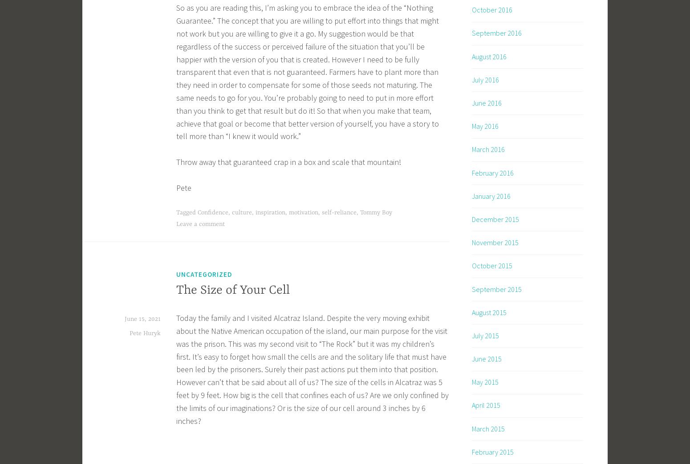 The height and width of the screenshot is (464, 690). What do you see at coordinates (307, 72) in the screenshot?
I see `'So as you are reading this, I’m asking you to embrace the idea of the “Nothing Guarantee.”  The concept that you are willing to put effort into things that might not work but you are willing to give it a go.  My suggestion would be that regardless of the success or perceived failure of the situation that you’ll be happier with the version of you that is created.  However I need to be fully transparent that even that is not guaranteed.  Farmers have to plant more than they need in order to compensate for some of those seeds not maturing.  The same needs to go for you.  You’re probably going to need to put in more effort than you think to get that result but do it!  So that when you make that team, achieve that goal or become that better version of yourself, you have a story to tell more than “I knew it would work.”'` at bounding box center [307, 72].